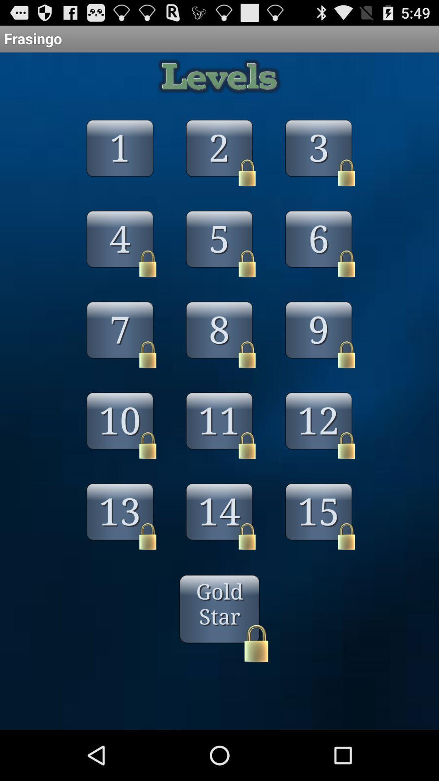 This screenshot has width=439, height=781. What do you see at coordinates (120, 341) in the screenshot?
I see `the button 7` at bounding box center [120, 341].